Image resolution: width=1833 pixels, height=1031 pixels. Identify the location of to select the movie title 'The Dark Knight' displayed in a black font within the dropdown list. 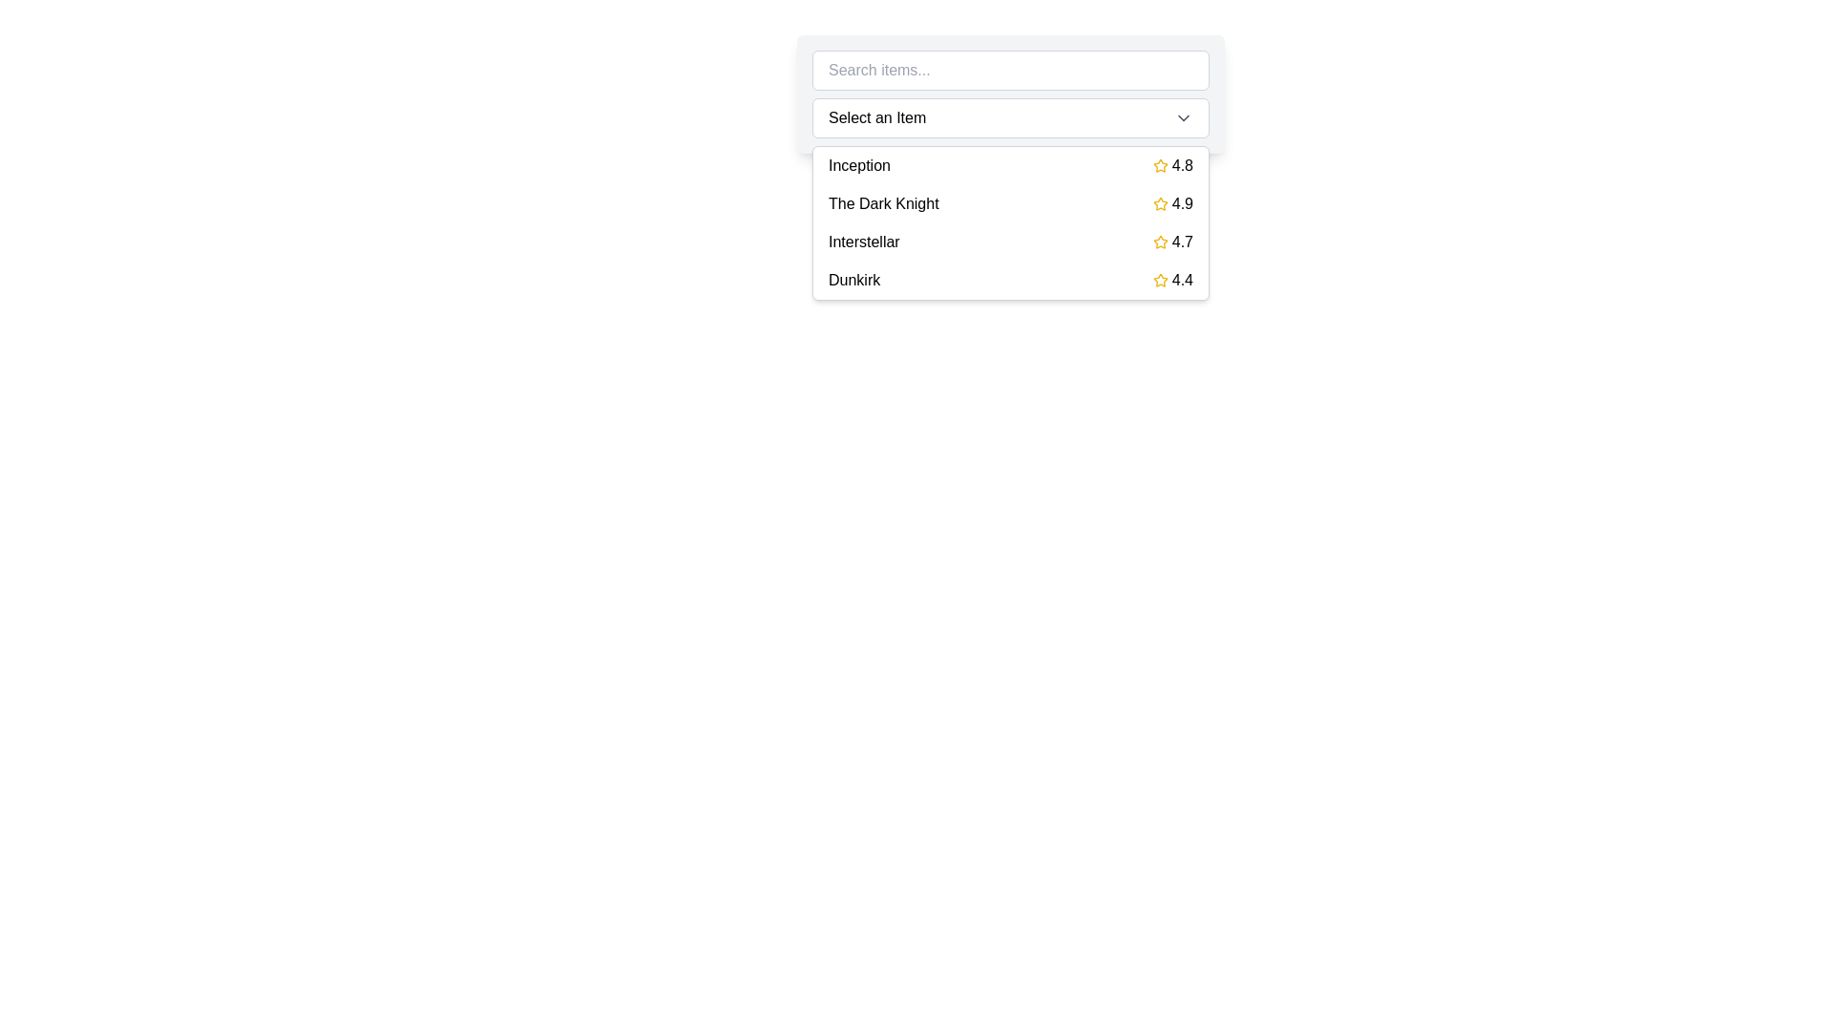
(882, 203).